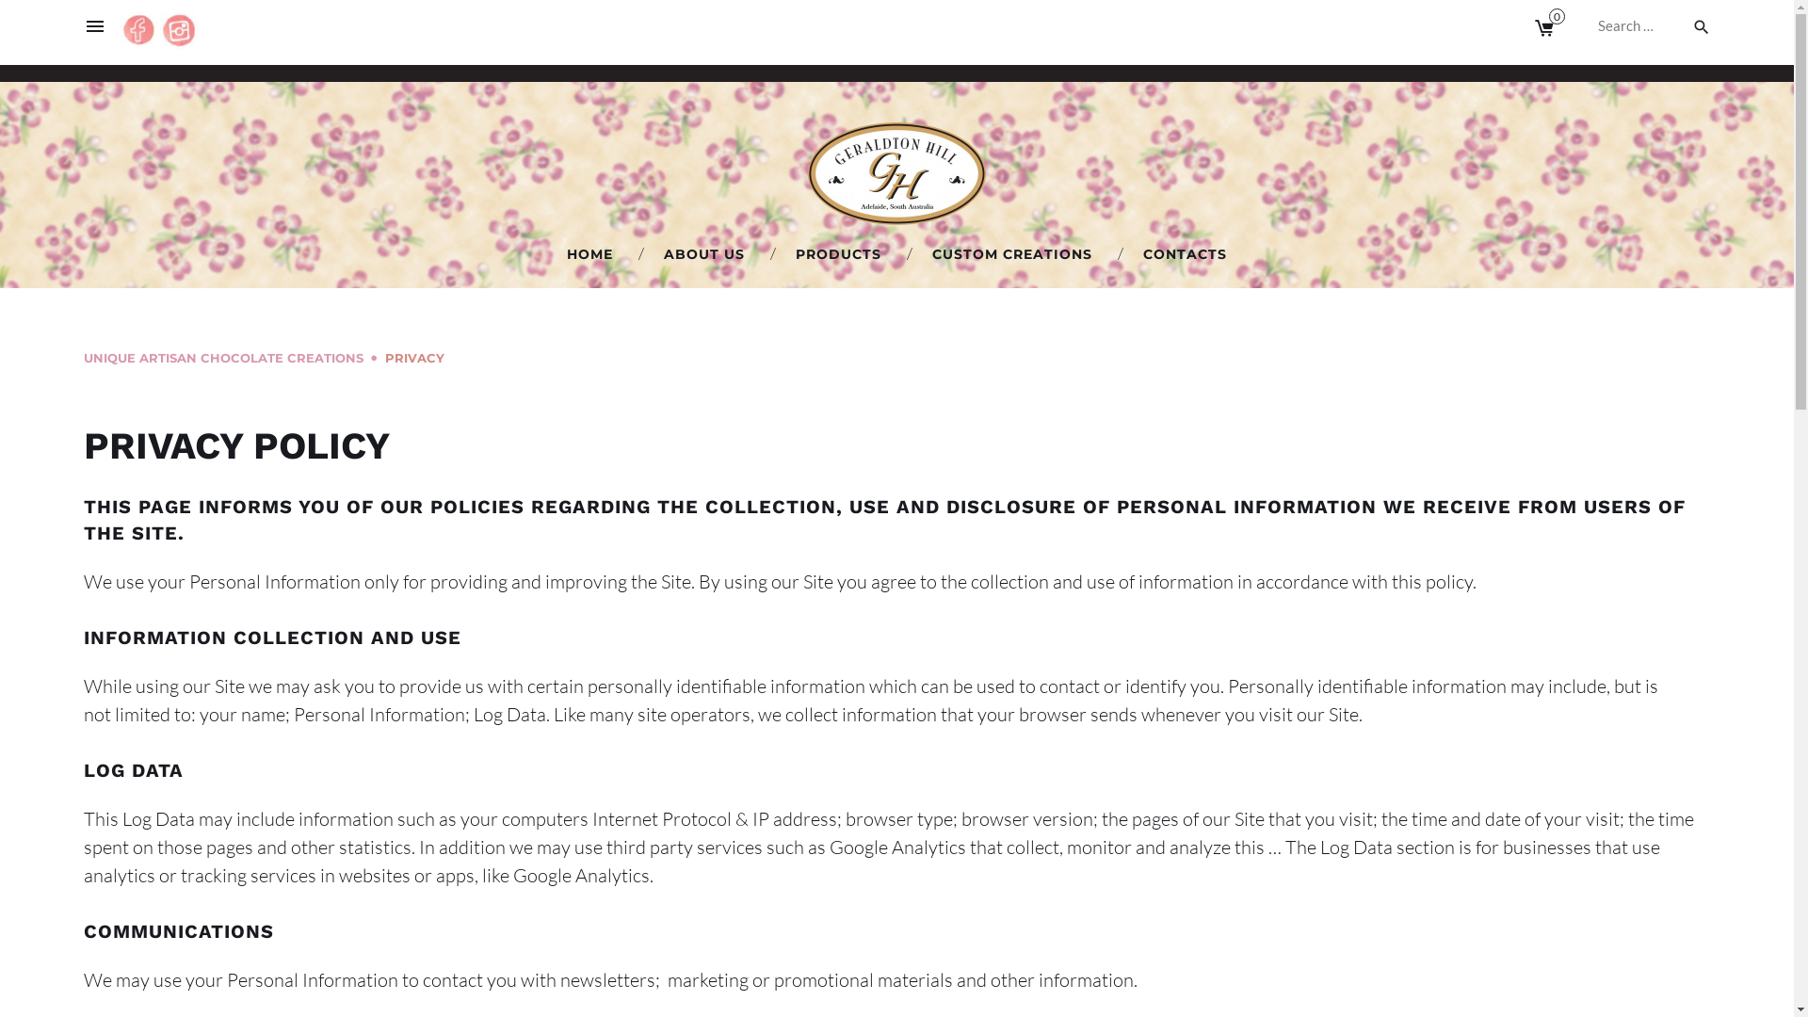 The width and height of the screenshot is (1808, 1017). I want to click on 'CUSTOM CREATIONS', so click(1011, 254).